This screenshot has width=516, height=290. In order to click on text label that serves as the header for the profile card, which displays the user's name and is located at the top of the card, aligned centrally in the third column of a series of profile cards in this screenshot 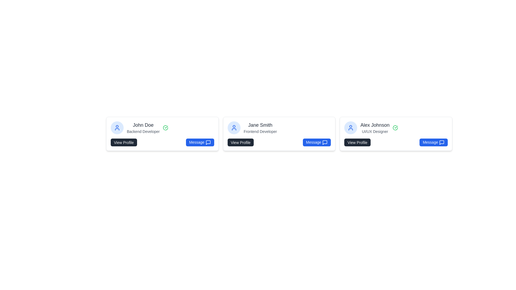, I will do `click(375, 125)`.